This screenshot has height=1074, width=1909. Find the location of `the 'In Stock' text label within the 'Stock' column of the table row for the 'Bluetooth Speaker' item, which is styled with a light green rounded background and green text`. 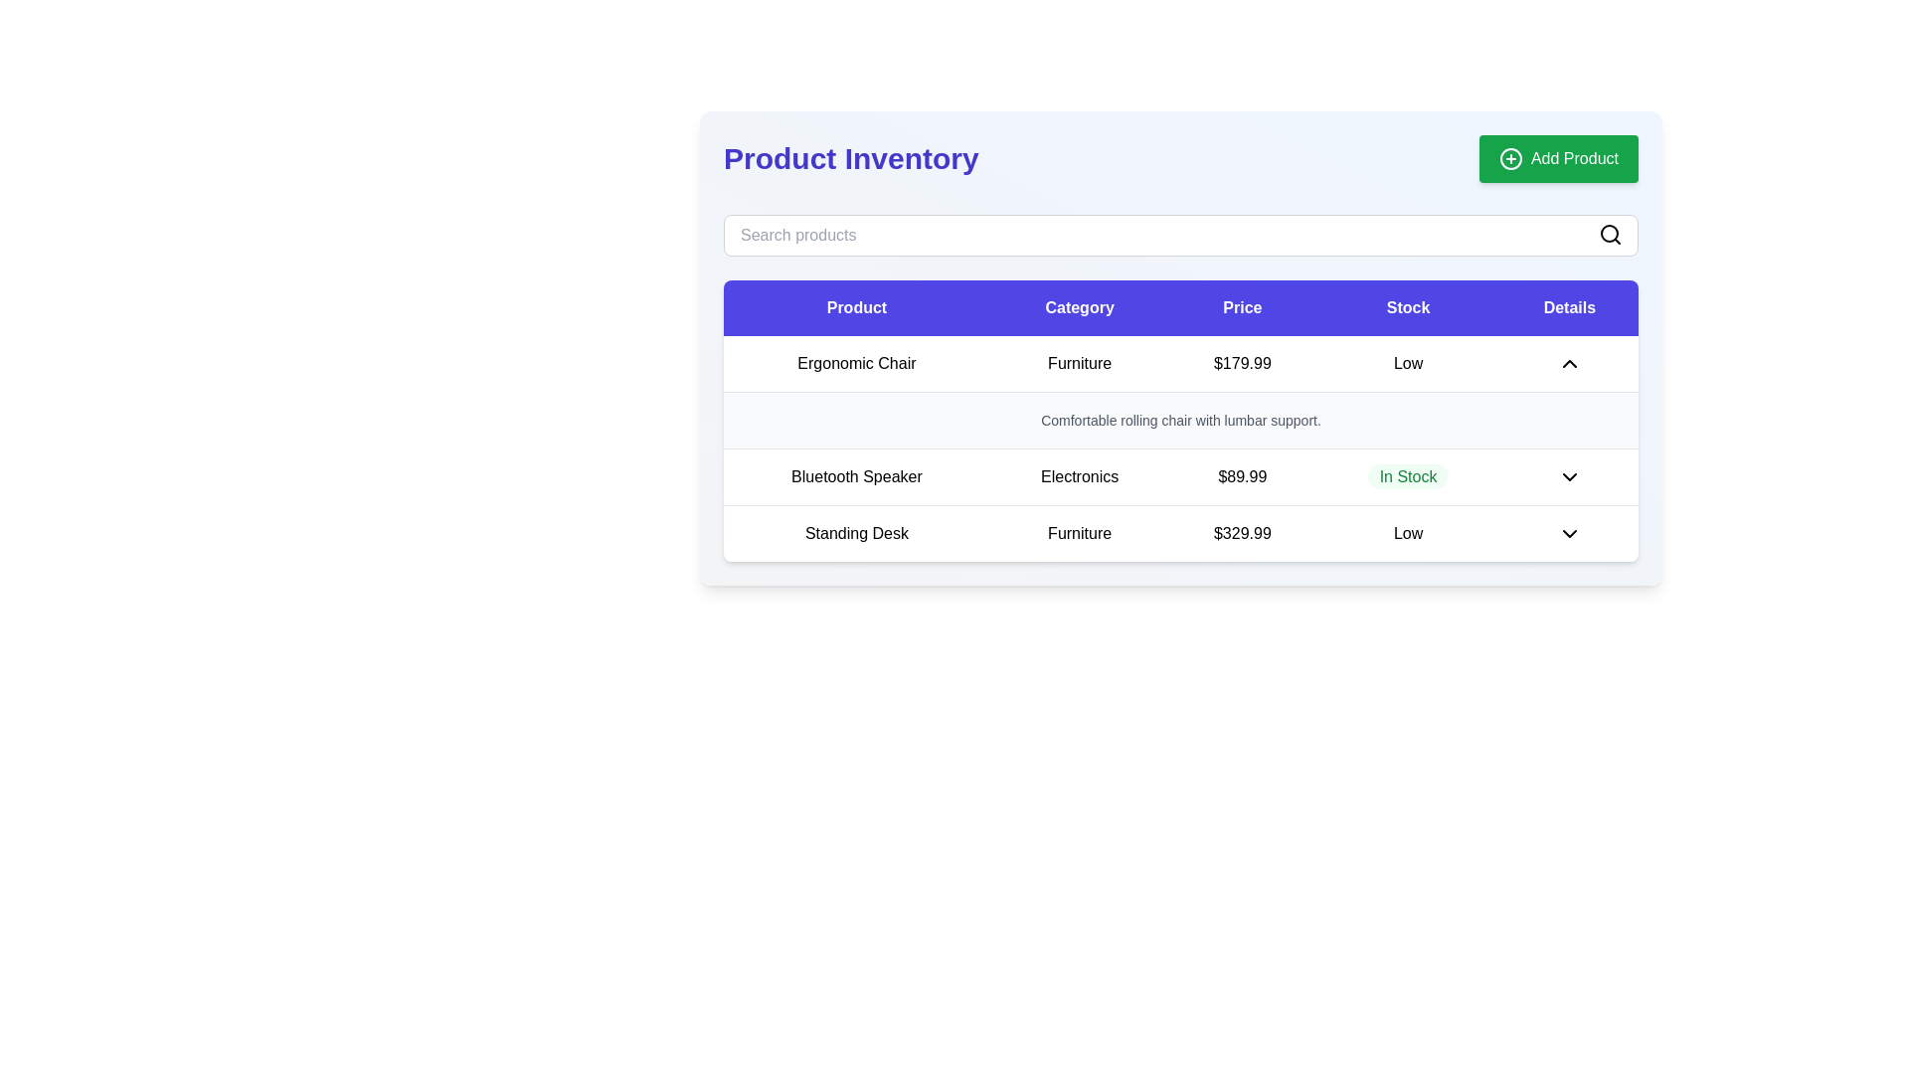

the 'In Stock' text label within the 'Stock' column of the table row for the 'Bluetooth Speaker' item, which is styled with a light green rounded background and green text is located at coordinates (1407, 476).